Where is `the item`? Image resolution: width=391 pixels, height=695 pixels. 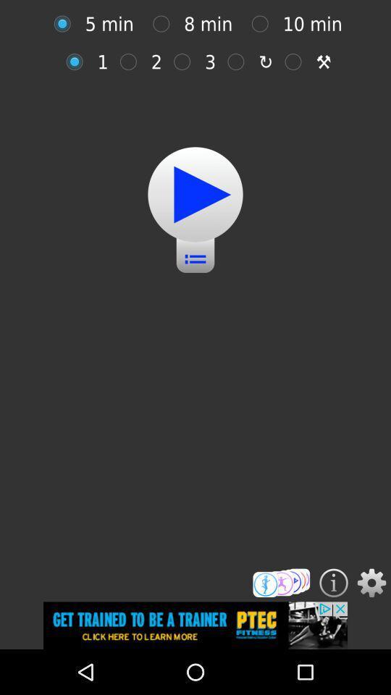 the item is located at coordinates (195, 193).